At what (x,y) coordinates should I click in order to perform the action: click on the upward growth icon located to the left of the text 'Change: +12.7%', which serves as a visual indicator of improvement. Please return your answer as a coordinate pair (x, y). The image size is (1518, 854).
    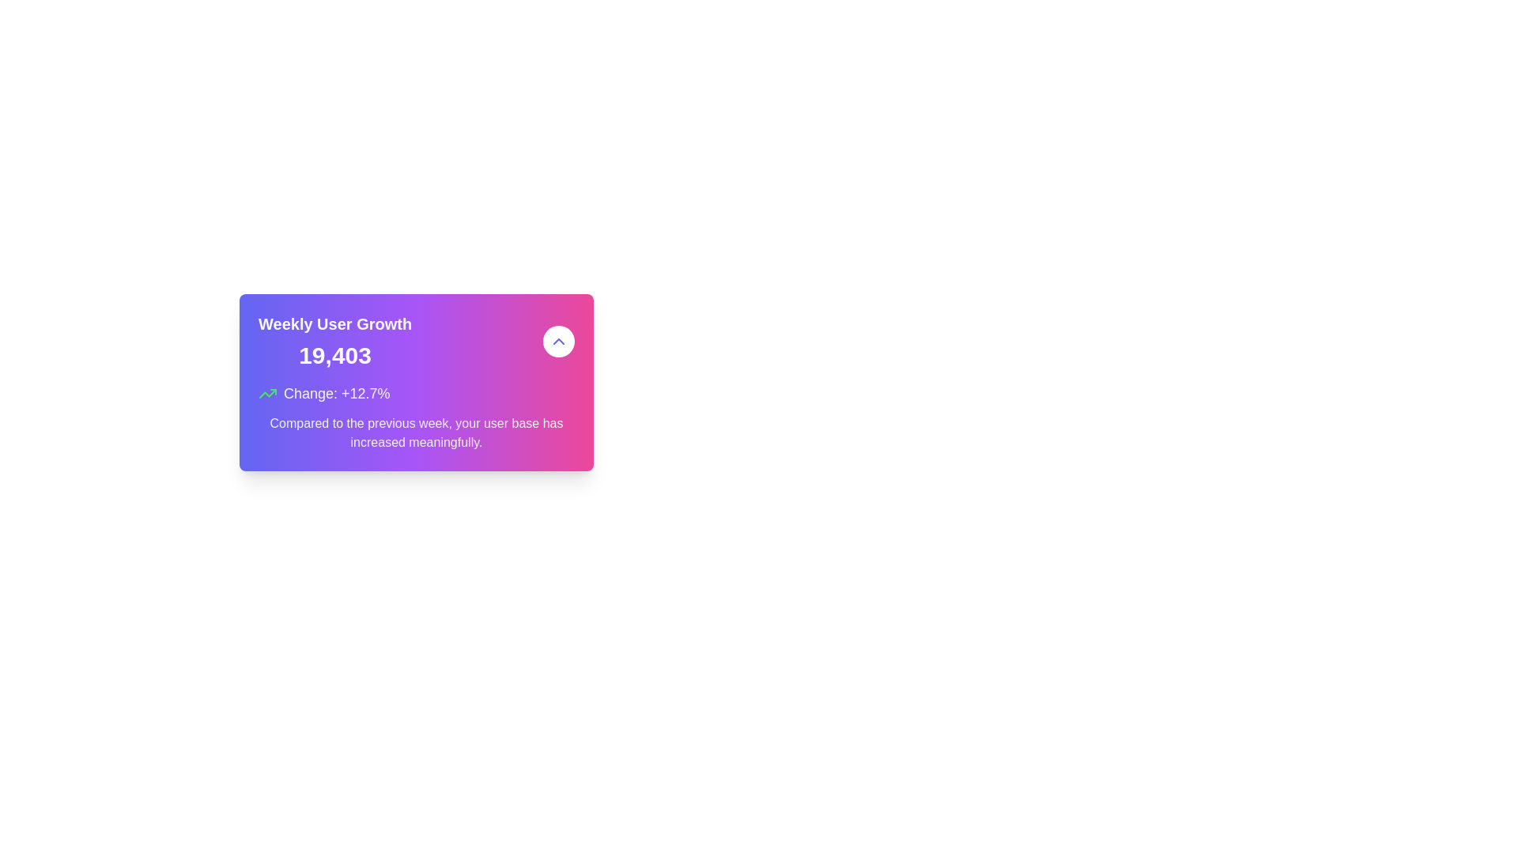
    Looking at the image, I should click on (268, 392).